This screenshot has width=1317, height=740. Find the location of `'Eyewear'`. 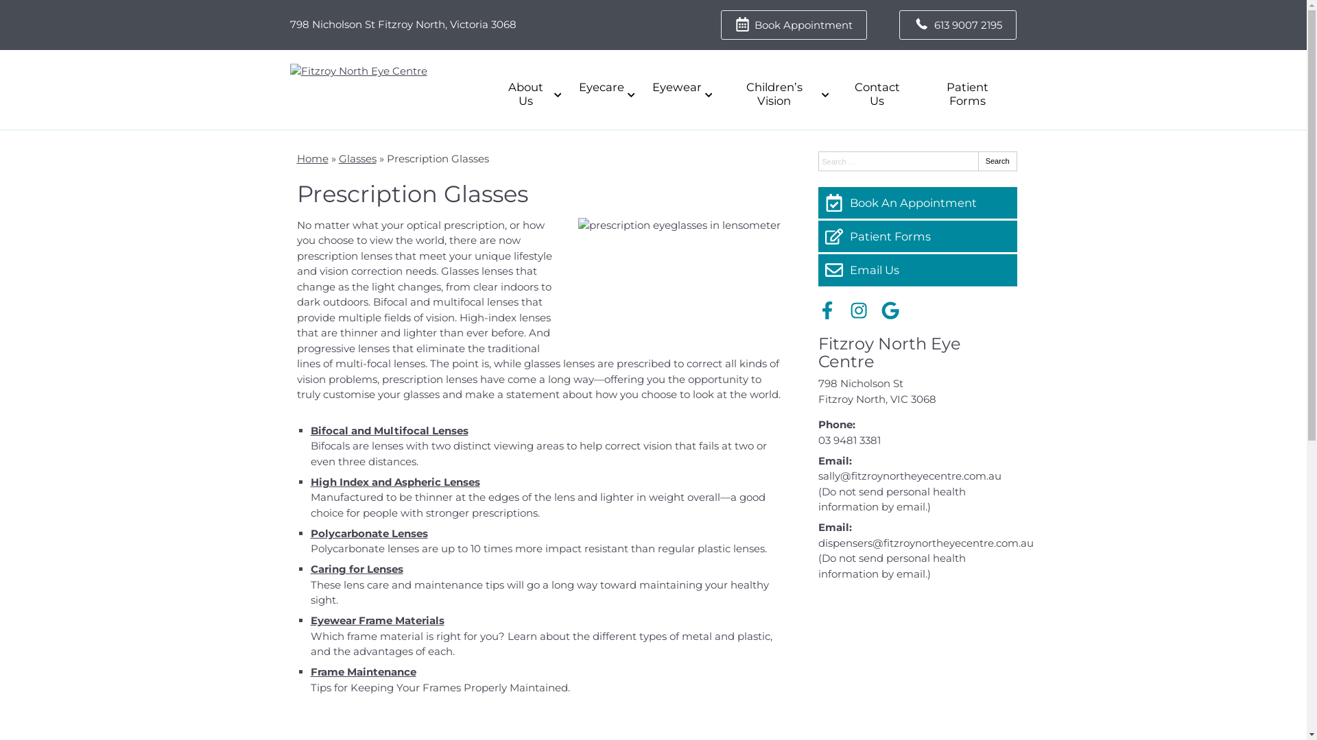

'Eyewear' is located at coordinates (680, 87).